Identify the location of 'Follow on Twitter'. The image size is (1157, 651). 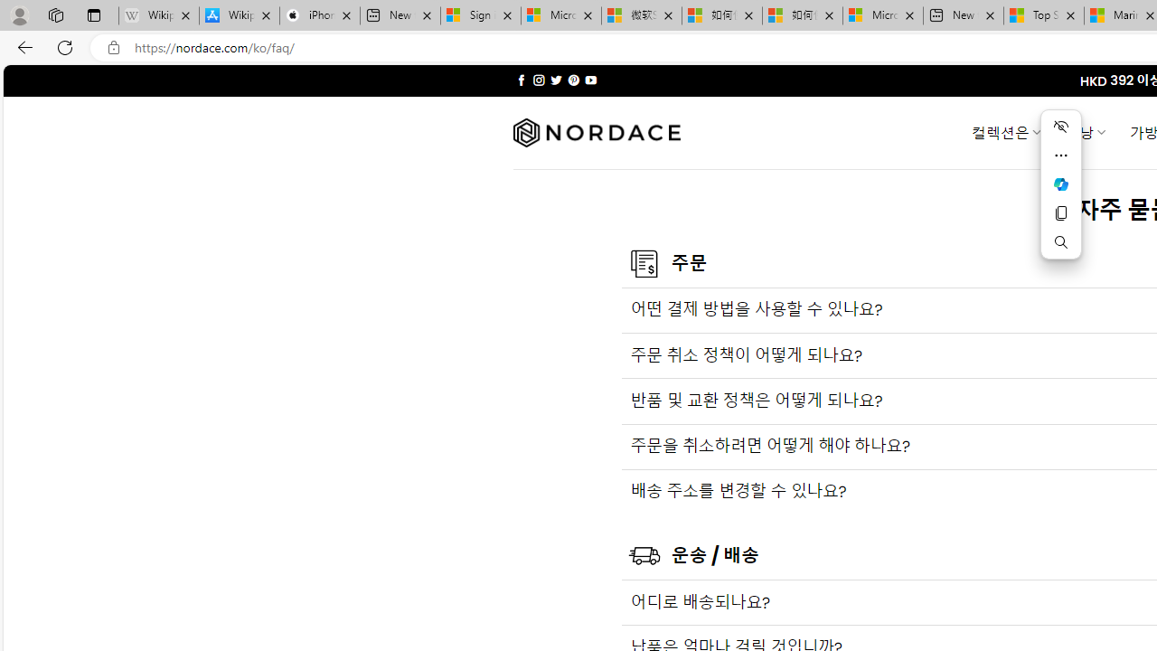
(555, 80).